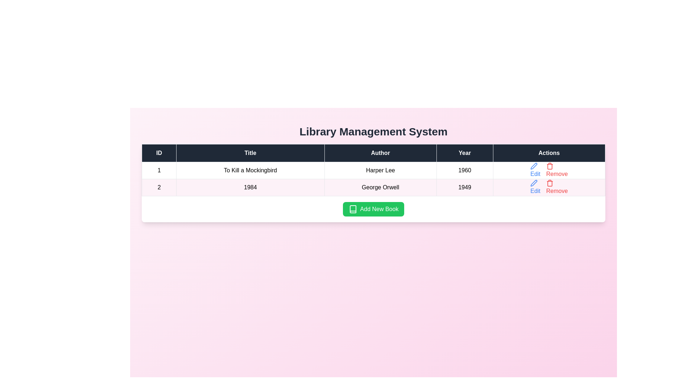  I want to click on the 'Year' header label in the table header, which is the fourth item in the sequence of header labels, located between the 'Author' and 'Actions' cells, so click(465, 153).